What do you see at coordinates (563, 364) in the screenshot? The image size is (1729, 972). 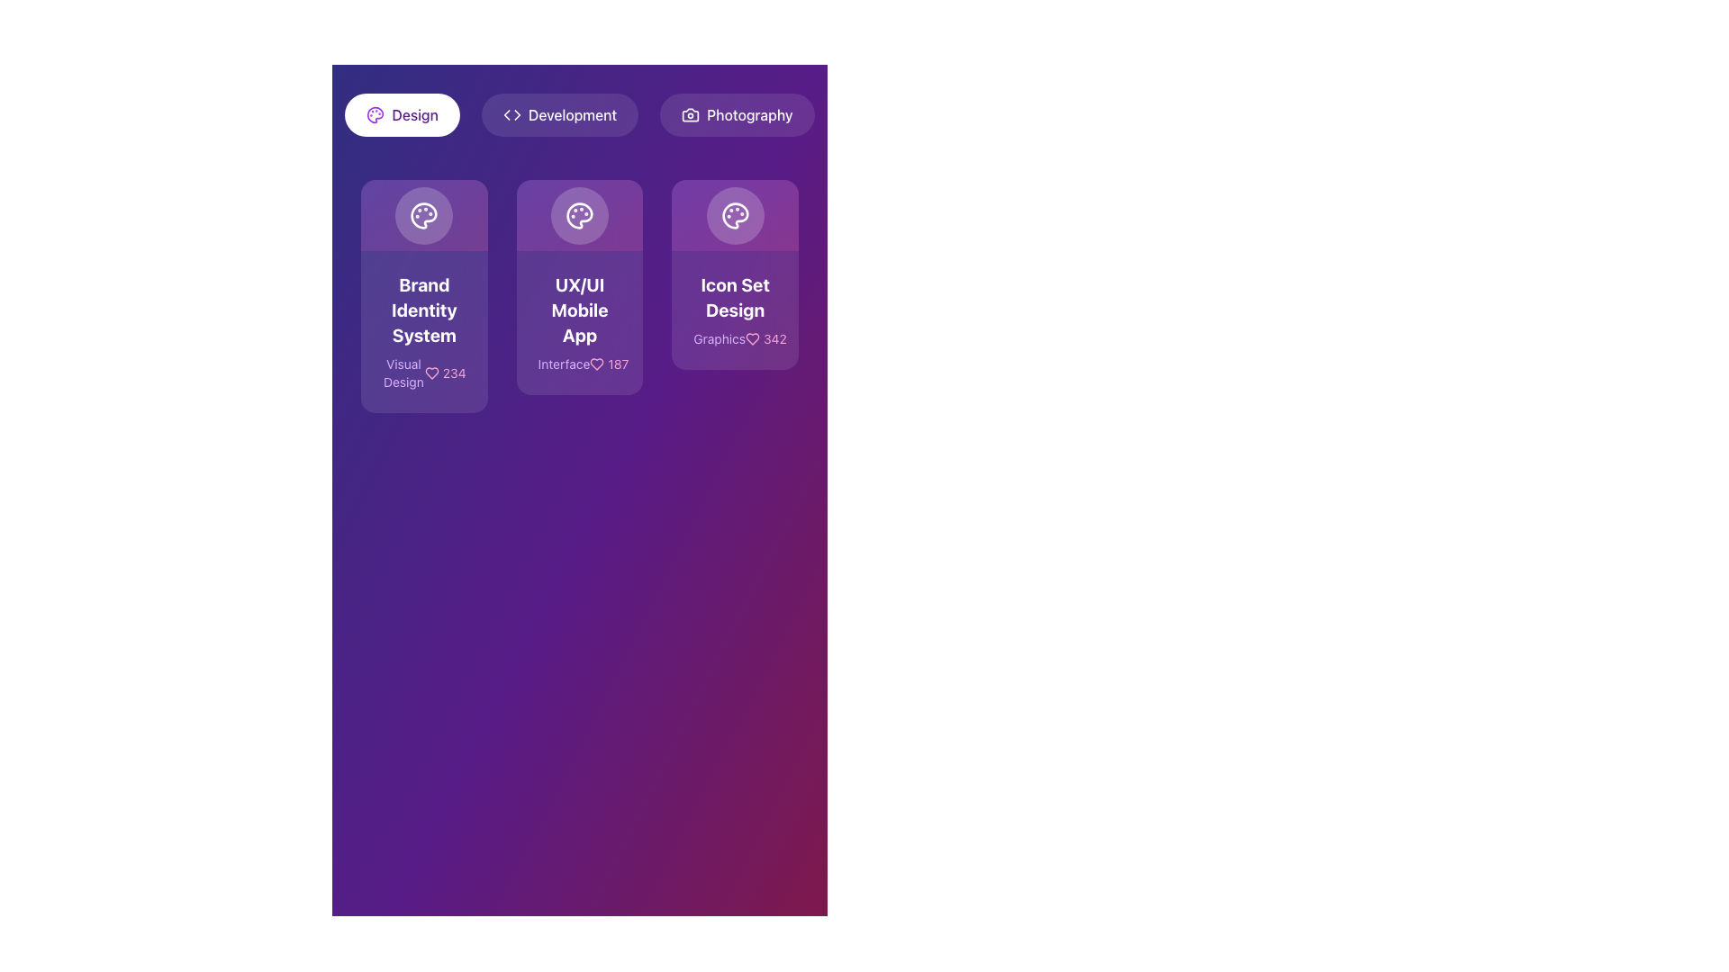 I see `text of the category label located underneath the main heading 'UX/UI Mobile App' in the middle card of three horizontally arranged cards` at bounding box center [563, 364].